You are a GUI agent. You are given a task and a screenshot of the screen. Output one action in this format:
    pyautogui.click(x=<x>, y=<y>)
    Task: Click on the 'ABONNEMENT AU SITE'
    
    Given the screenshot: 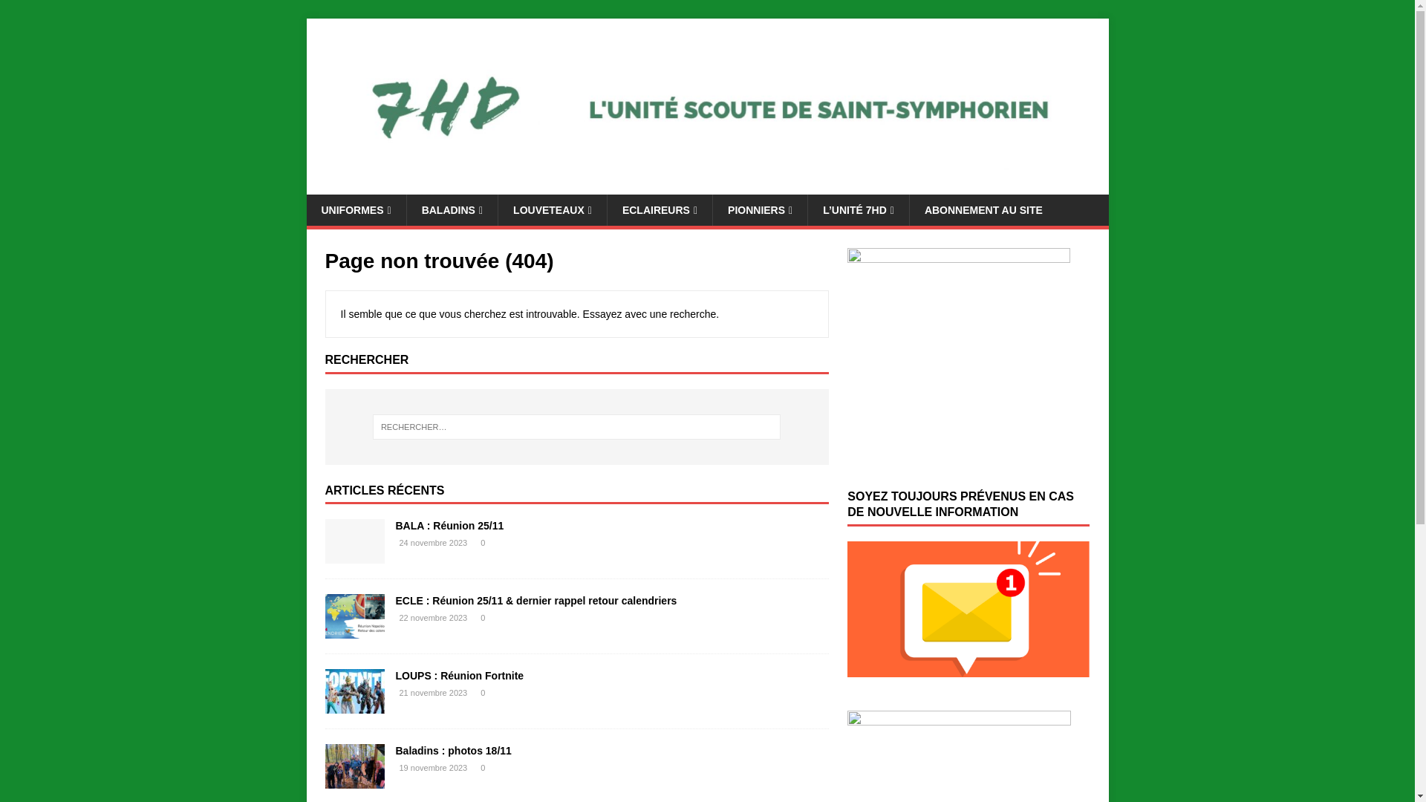 What is the action you would take?
    pyautogui.click(x=983, y=209)
    